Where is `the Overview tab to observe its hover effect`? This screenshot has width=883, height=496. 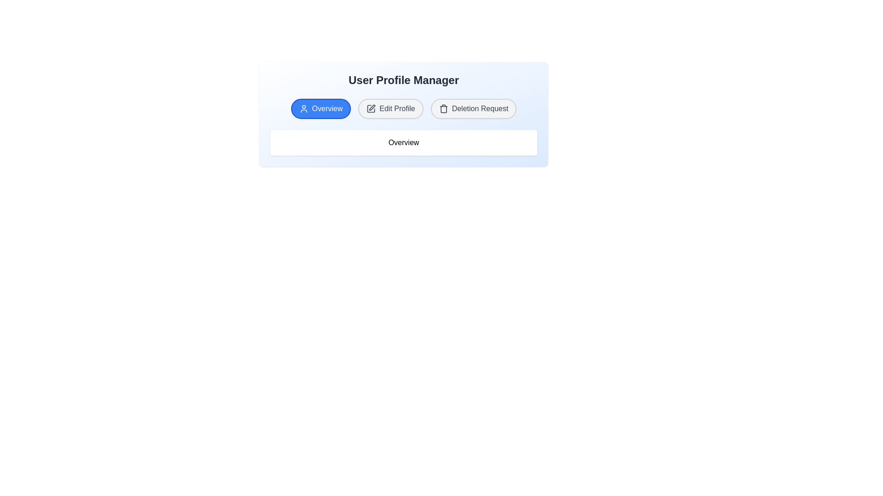 the Overview tab to observe its hover effect is located at coordinates (321, 108).